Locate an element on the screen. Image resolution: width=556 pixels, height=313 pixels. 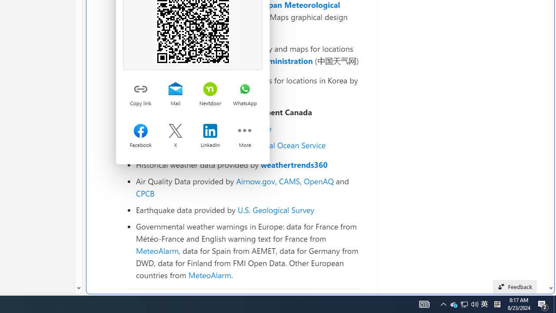
'Share on whatsapp' is located at coordinates (244, 90).